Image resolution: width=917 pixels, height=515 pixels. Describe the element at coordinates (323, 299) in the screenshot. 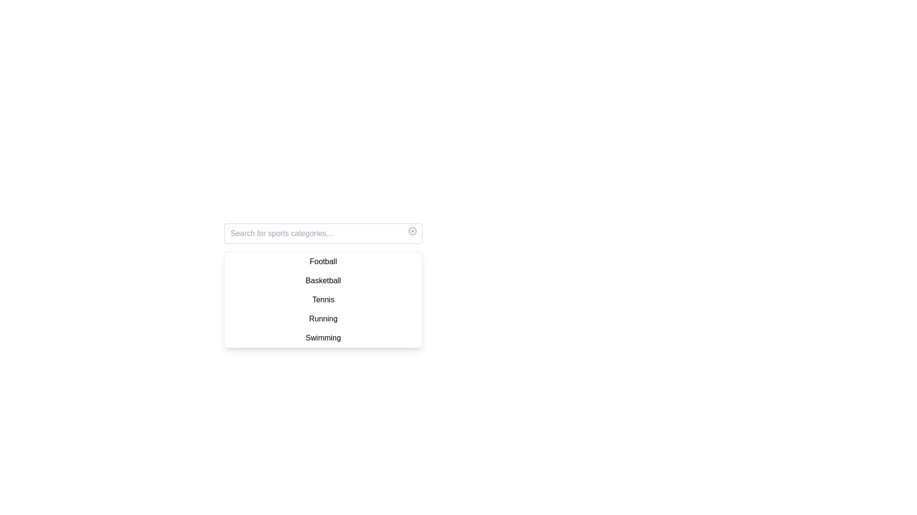

I see `the third list item in the vertical list containing the sports options: 'Football', 'Basketball', 'Tennis', 'Running', and 'Swimming', which is styled with hover effects` at that location.